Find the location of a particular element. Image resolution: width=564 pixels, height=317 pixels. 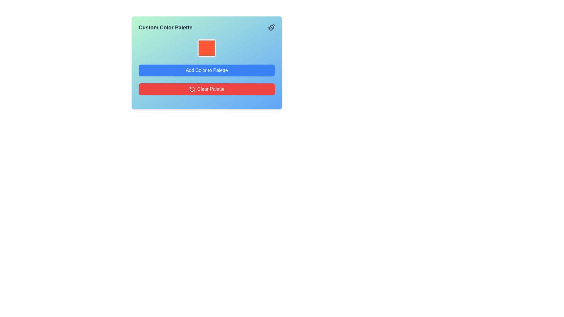

the button that clears the current color palette, located at the bottom of the 'Custom Color Palette' section is located at coordinates (207, 89).